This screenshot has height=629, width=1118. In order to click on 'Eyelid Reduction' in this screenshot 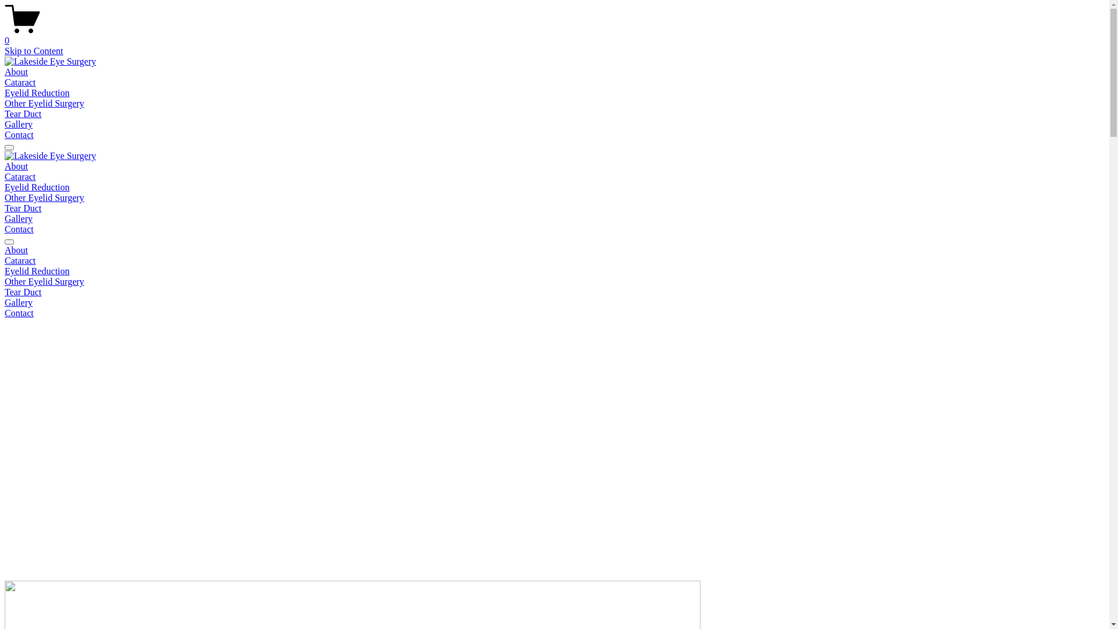, I will do `click(5, 92)`.